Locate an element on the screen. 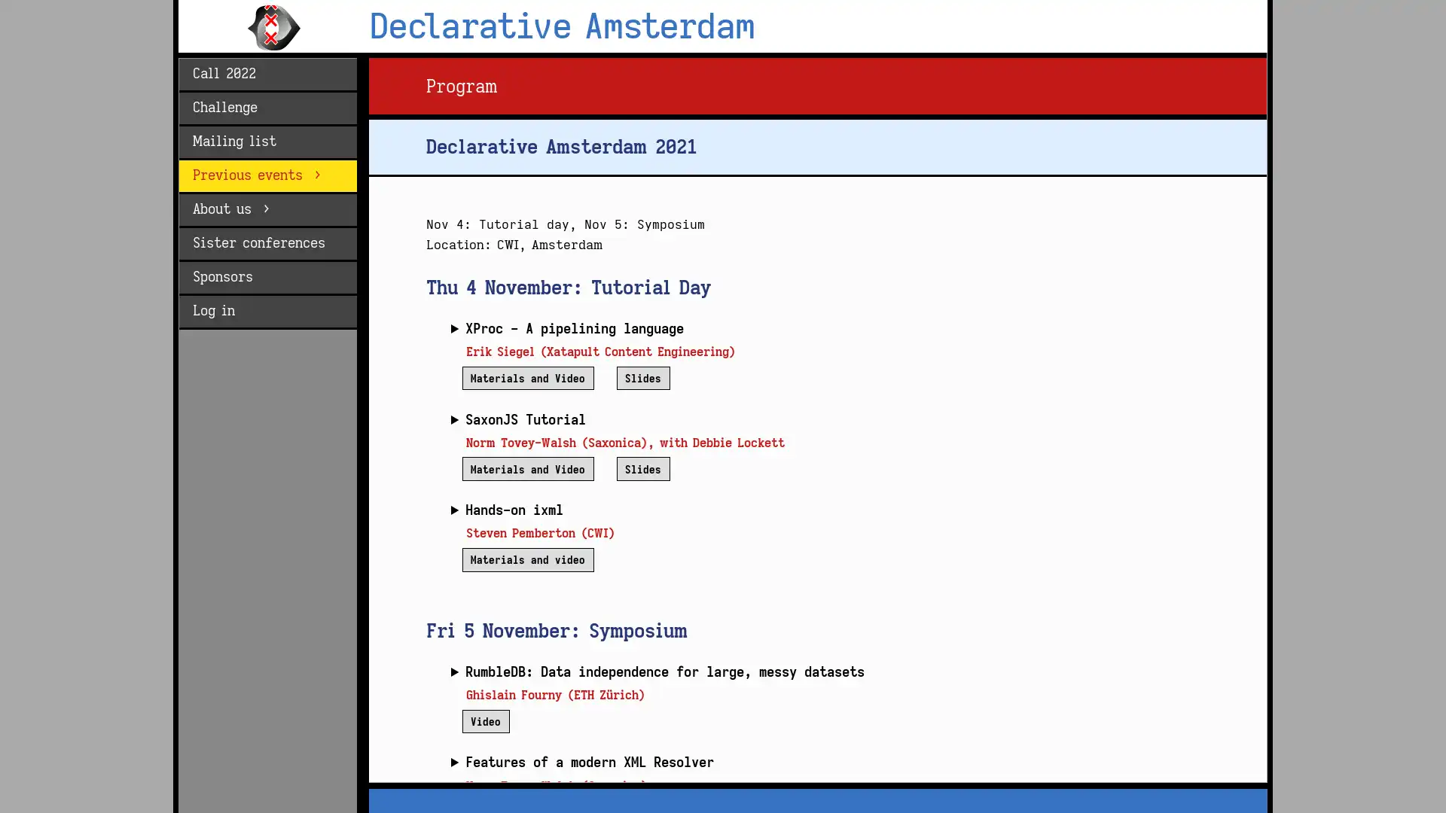 The image size is (1446, 813). Slides is located at coordinates (642, 376).